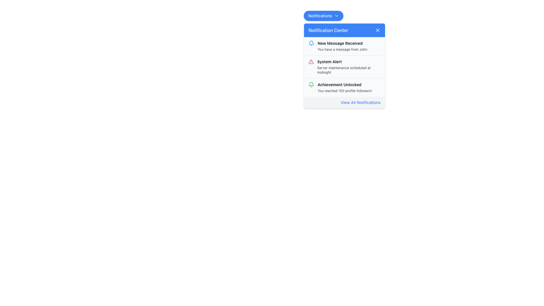 This screenshot has height=306, width=544. What do you see at coordinates (344, 102) in the screenshot?
I see `the 'View All Notifications' hyperlink styled as a button` at bounding box center [344, 102].